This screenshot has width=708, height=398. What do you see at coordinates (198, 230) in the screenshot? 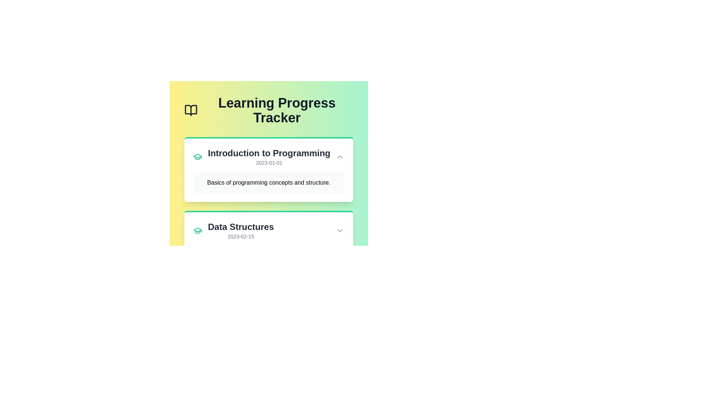
I see `the green graduation cap icon located at the top-left corner of the 'Data Structures' section` at bounding box center [198, 230].